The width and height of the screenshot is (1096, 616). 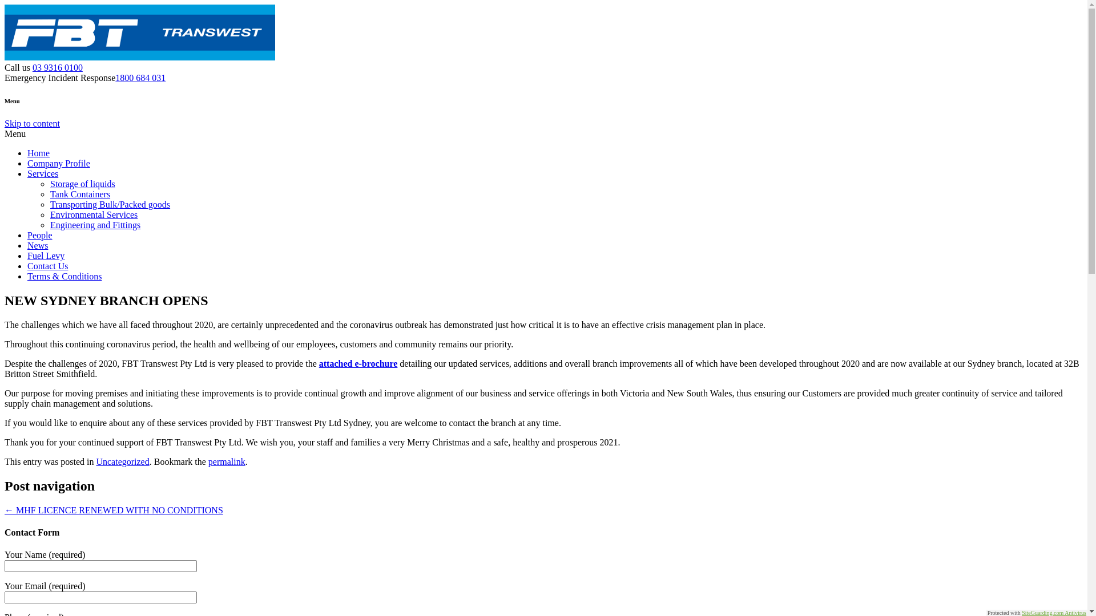 What do you see at coordinates (122, 461) in the screenshot?
I see `'Uncategorized'` at bounding box center [122, 461].